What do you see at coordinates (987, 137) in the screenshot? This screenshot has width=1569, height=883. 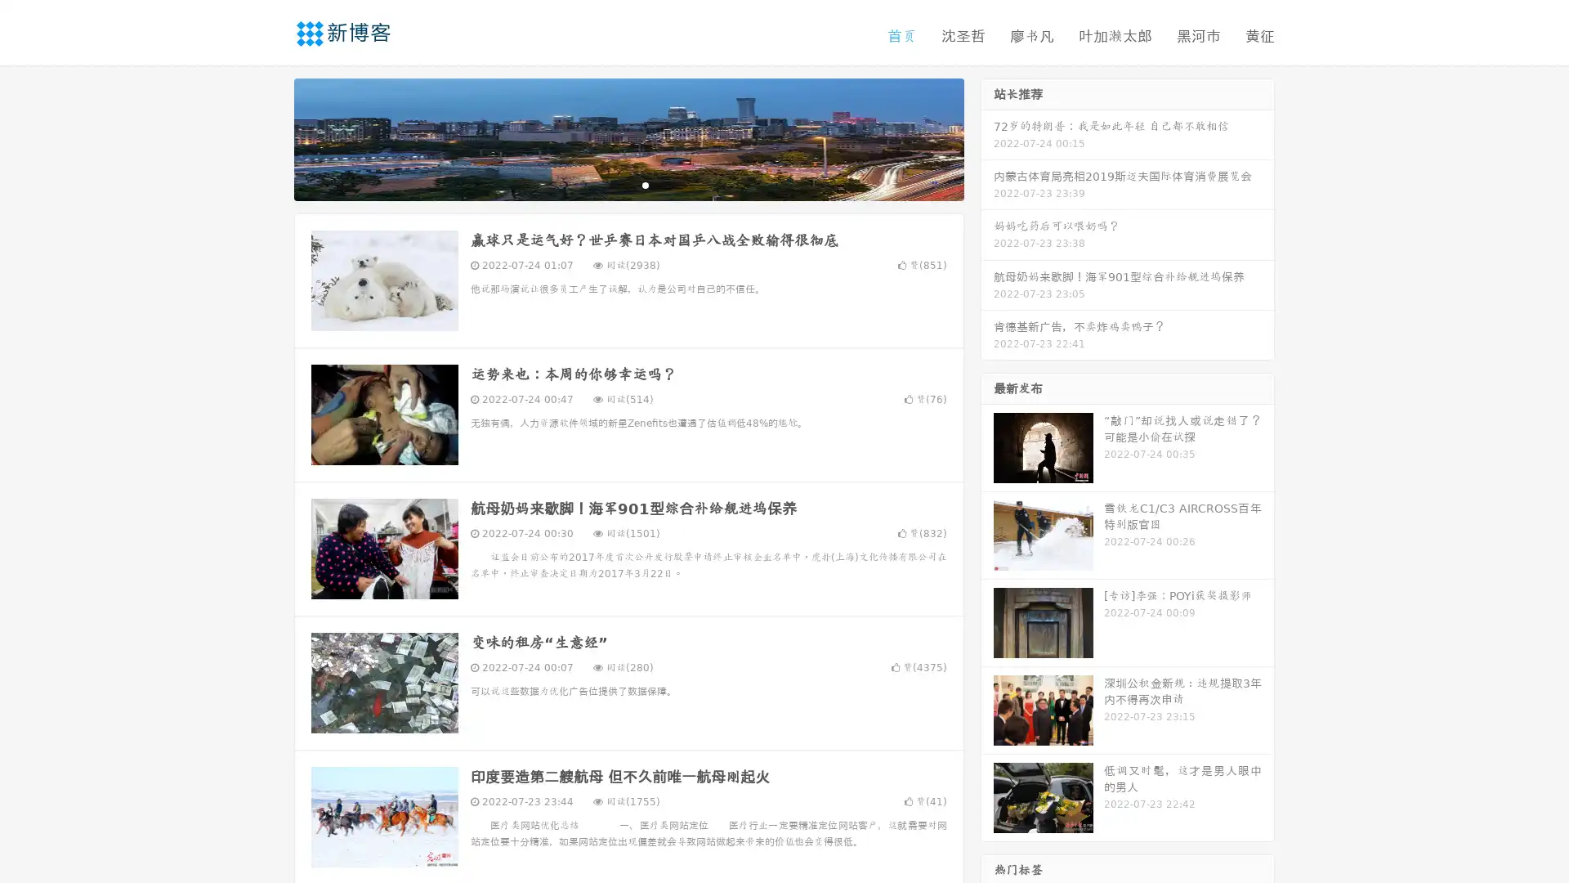 I see `Next slide` at bounding box center [987, 137].